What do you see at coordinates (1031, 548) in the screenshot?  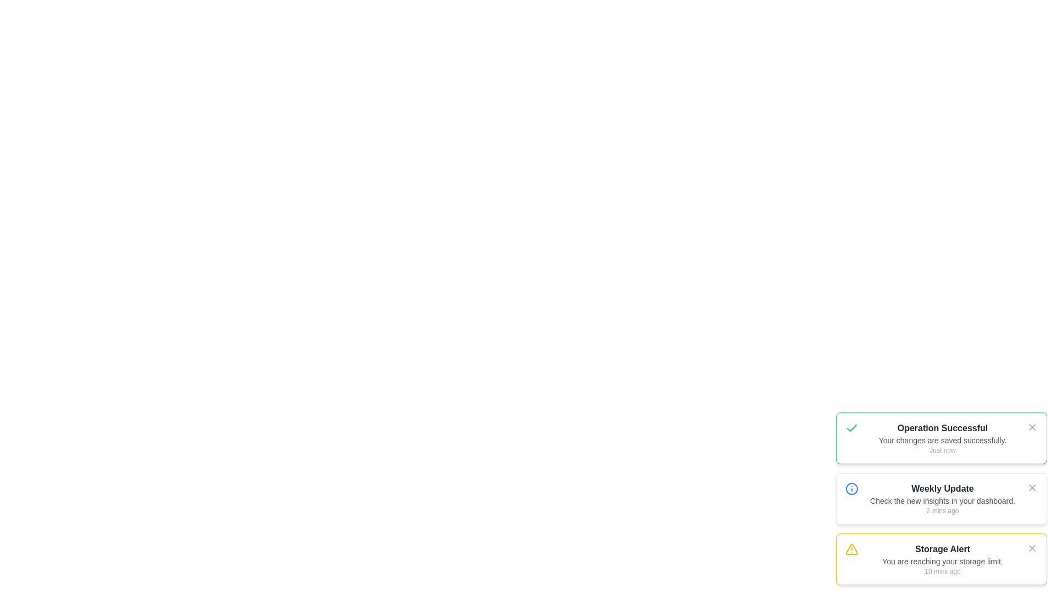 I see `the close button located in the top-right corner of the yellow-bordered 'Storage Alert' notification card` at bounding box center [1031, 548].